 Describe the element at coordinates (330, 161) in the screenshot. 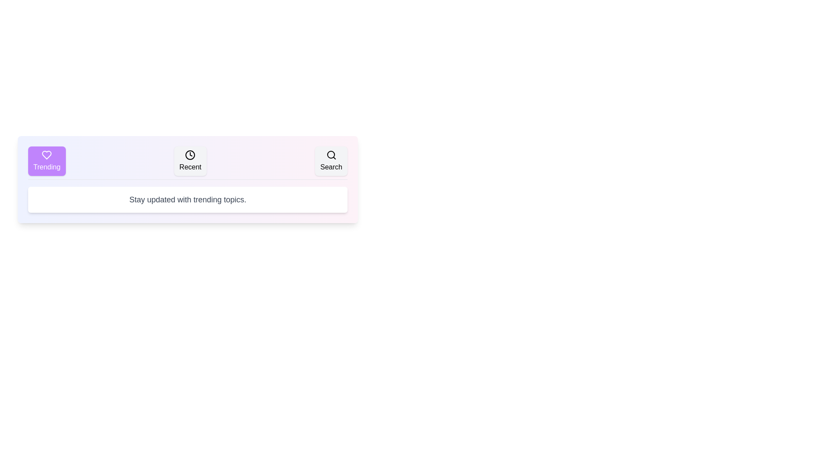

I see `the tab button labeled Search` at that location.